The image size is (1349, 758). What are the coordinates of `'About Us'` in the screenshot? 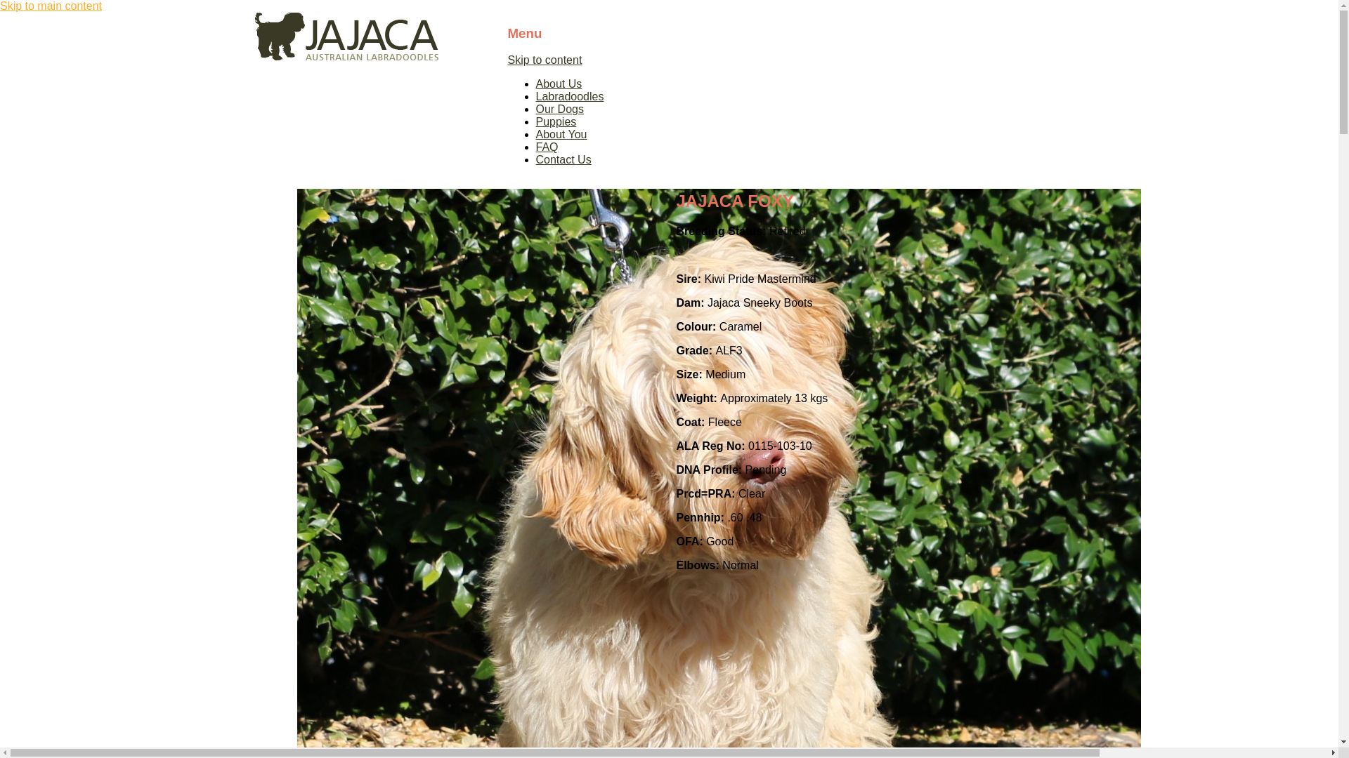 It's located at (558, 84).